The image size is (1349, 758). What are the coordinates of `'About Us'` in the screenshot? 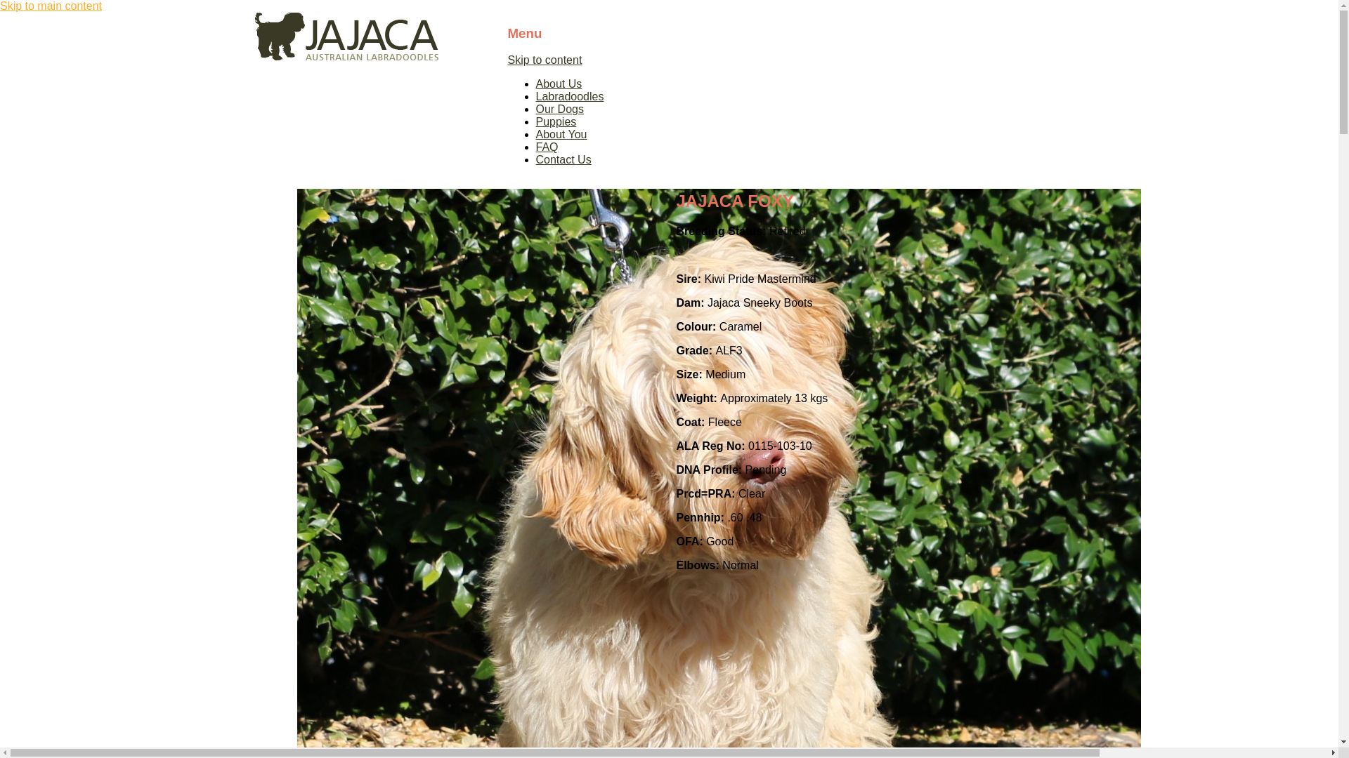 It's located at (558, 84).